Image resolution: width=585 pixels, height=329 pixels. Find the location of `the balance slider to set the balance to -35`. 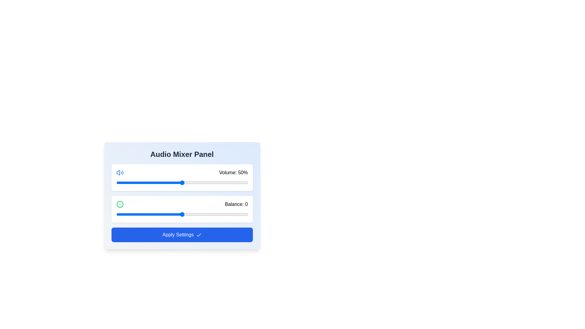

the balance slider to set the balance to -35 is located at coordinates (136, 214).